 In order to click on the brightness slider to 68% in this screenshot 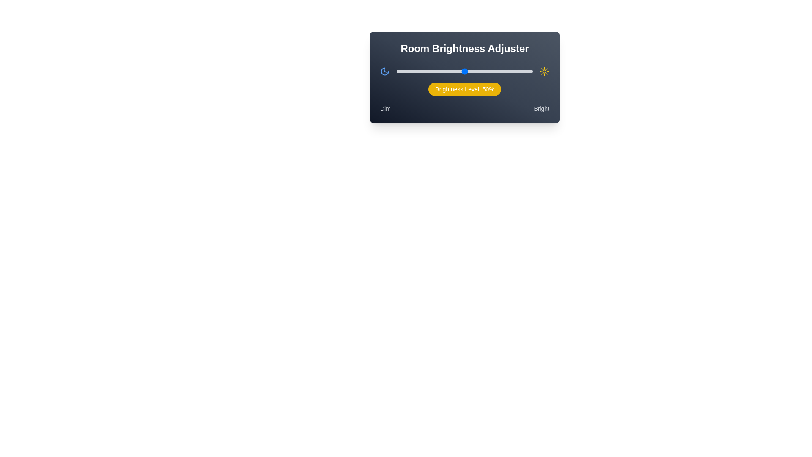, I will do `click(489, 71)`.